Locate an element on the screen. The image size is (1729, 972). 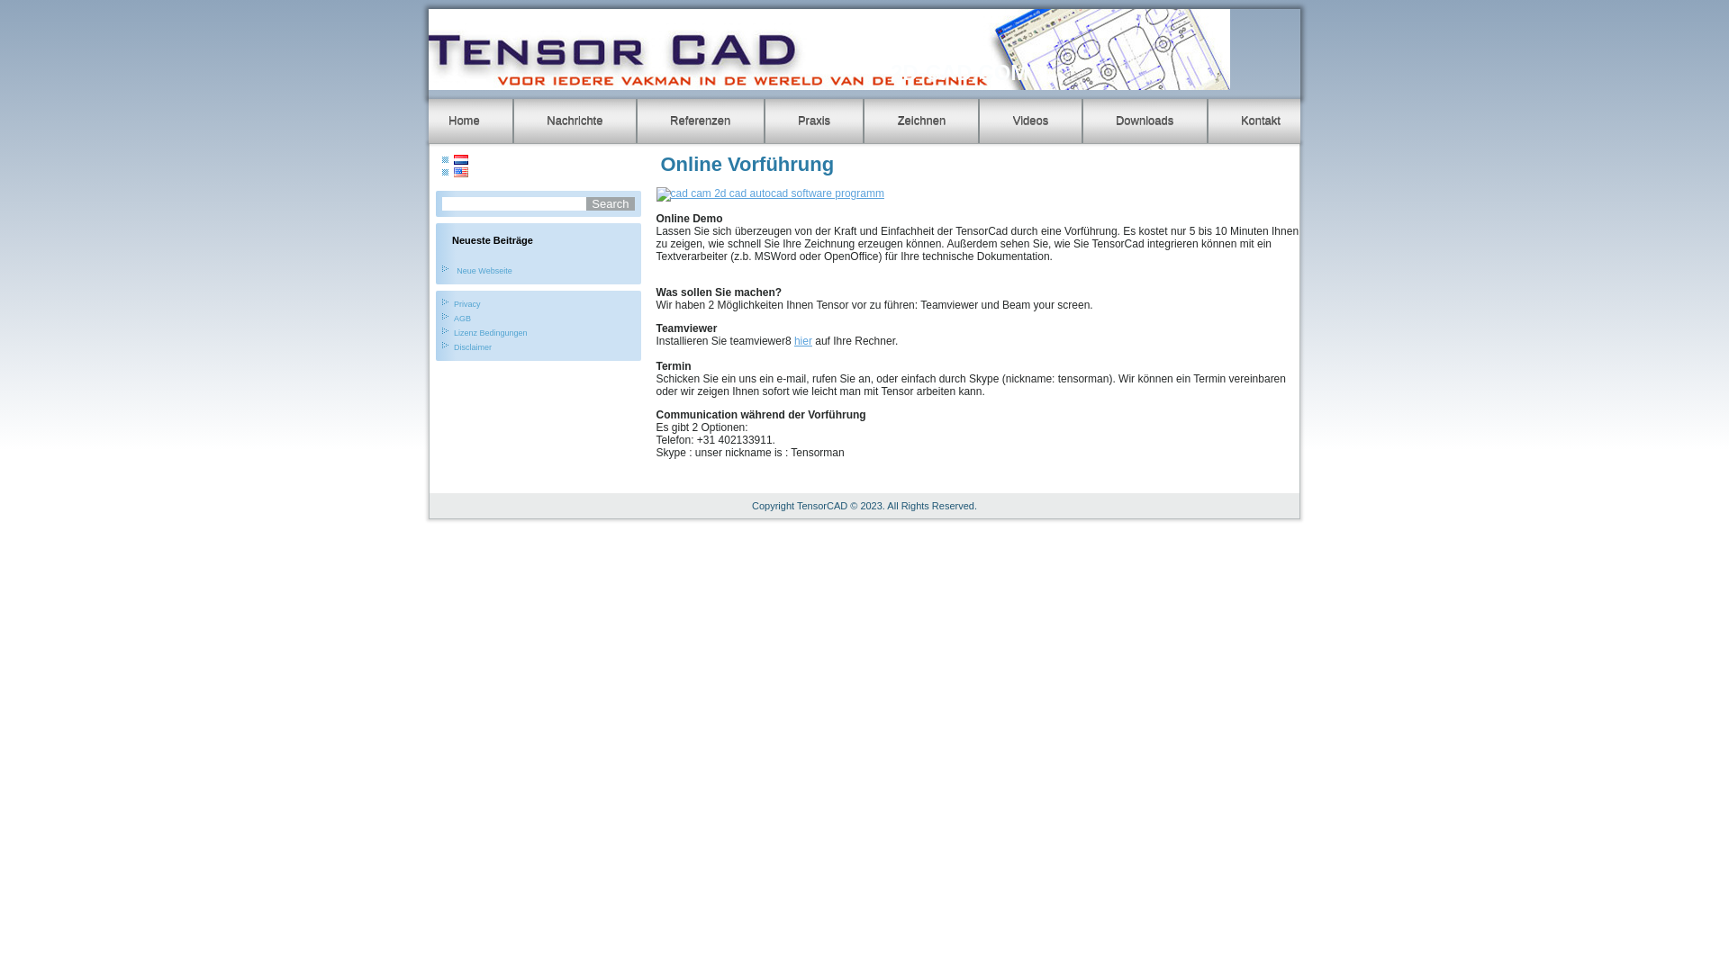
'Home' is located at coordinates (464, 121).